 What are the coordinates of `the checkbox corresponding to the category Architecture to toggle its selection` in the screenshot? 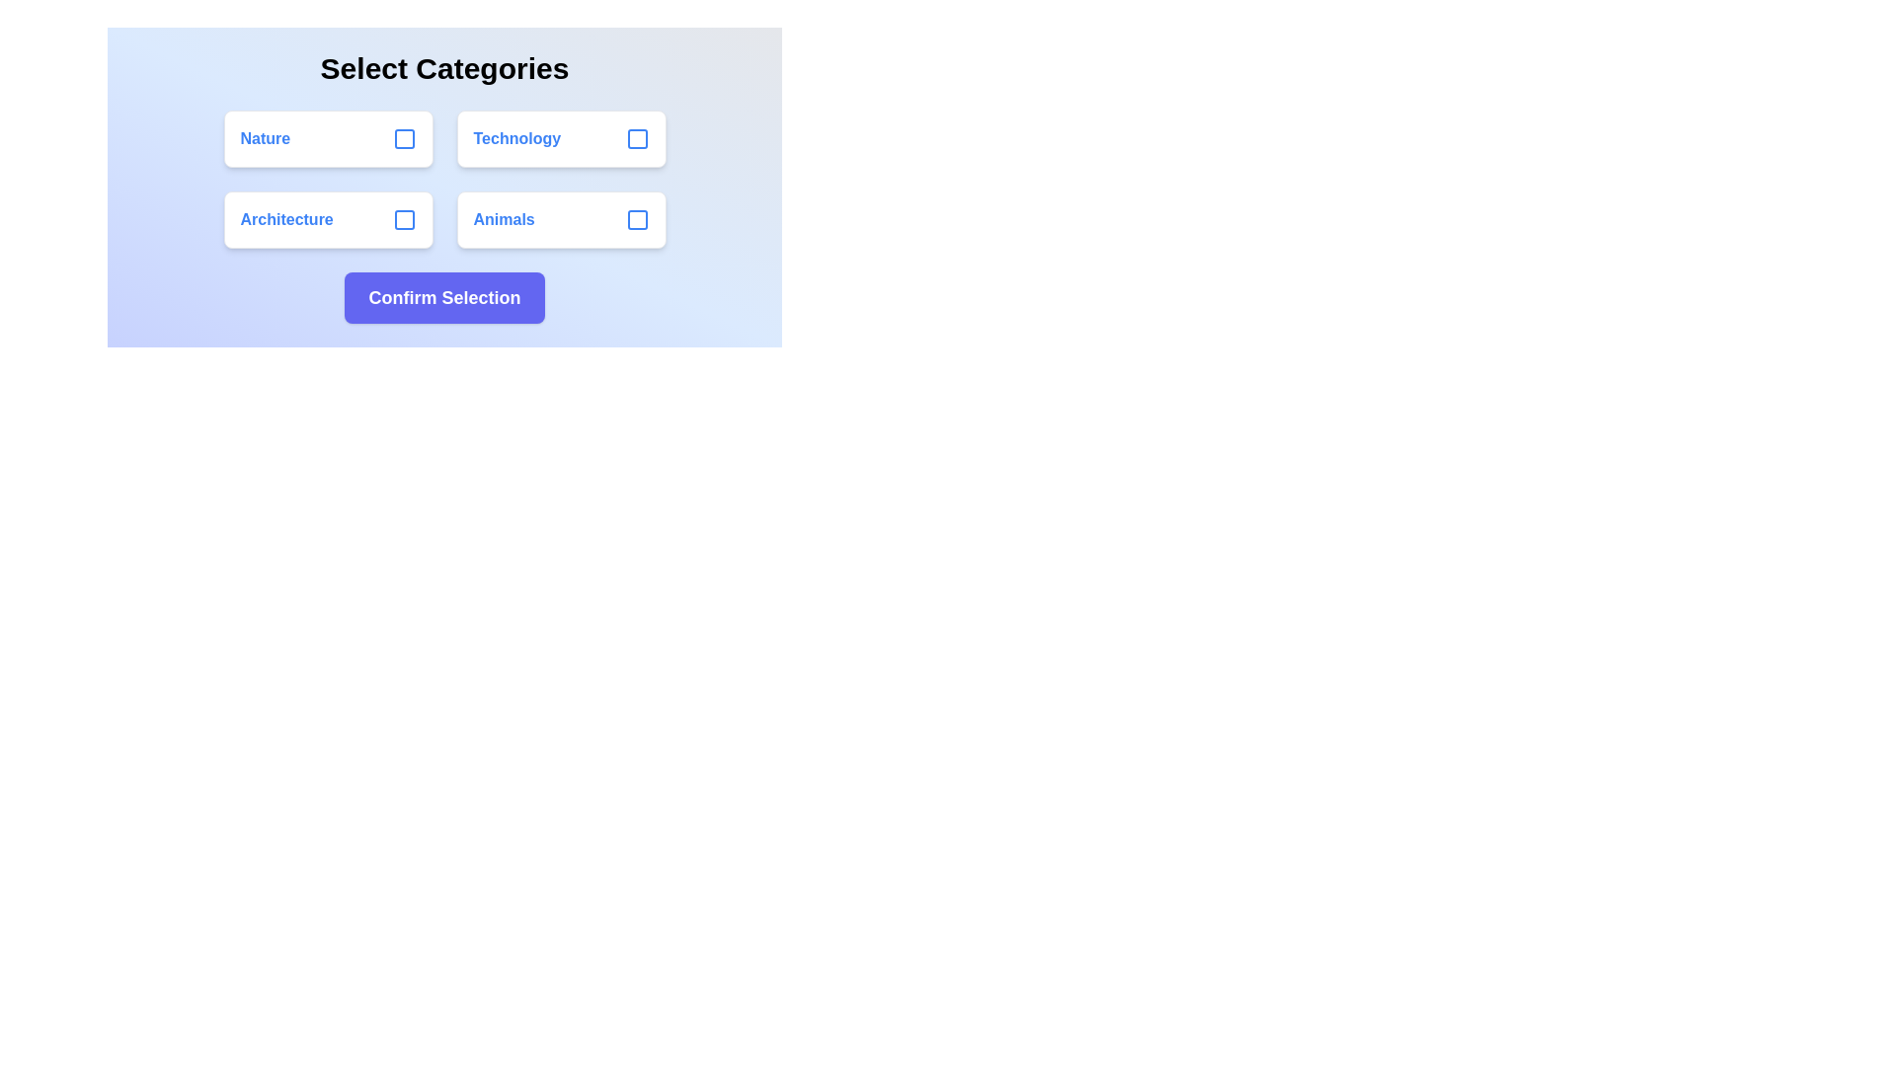 It's located at (403, 220).